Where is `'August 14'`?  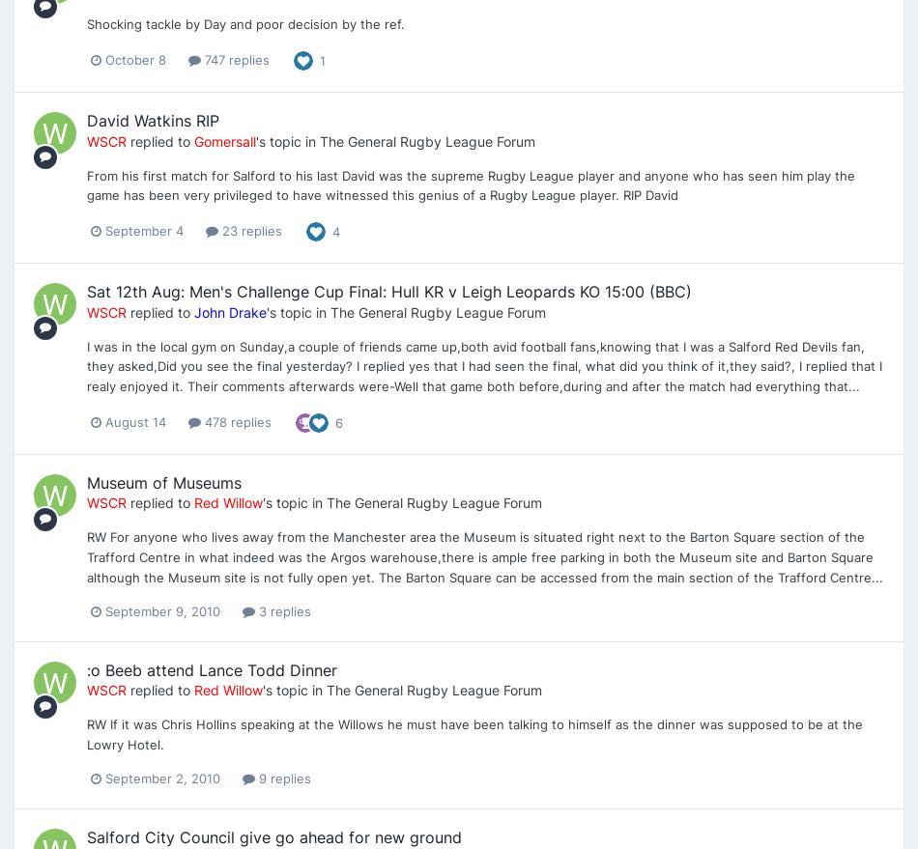
'August 14' is located at coordinates (135, 421).